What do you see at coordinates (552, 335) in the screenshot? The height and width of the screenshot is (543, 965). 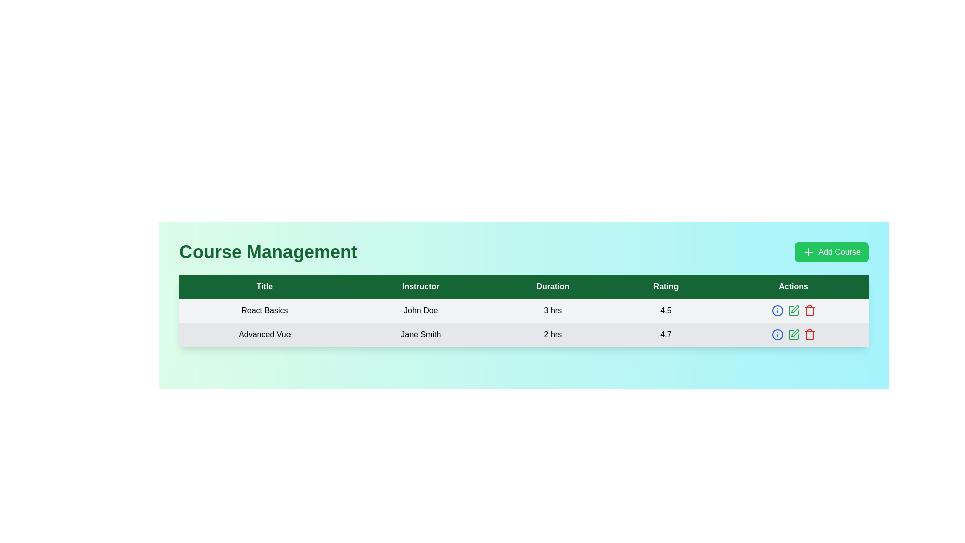 I see `the text label displaying '2 hrs' in the 'Duration' column of the table row for 'Advanced Vue' and 'Jane Smith', which is the third cell in that row` at bounding box center [552, 335].